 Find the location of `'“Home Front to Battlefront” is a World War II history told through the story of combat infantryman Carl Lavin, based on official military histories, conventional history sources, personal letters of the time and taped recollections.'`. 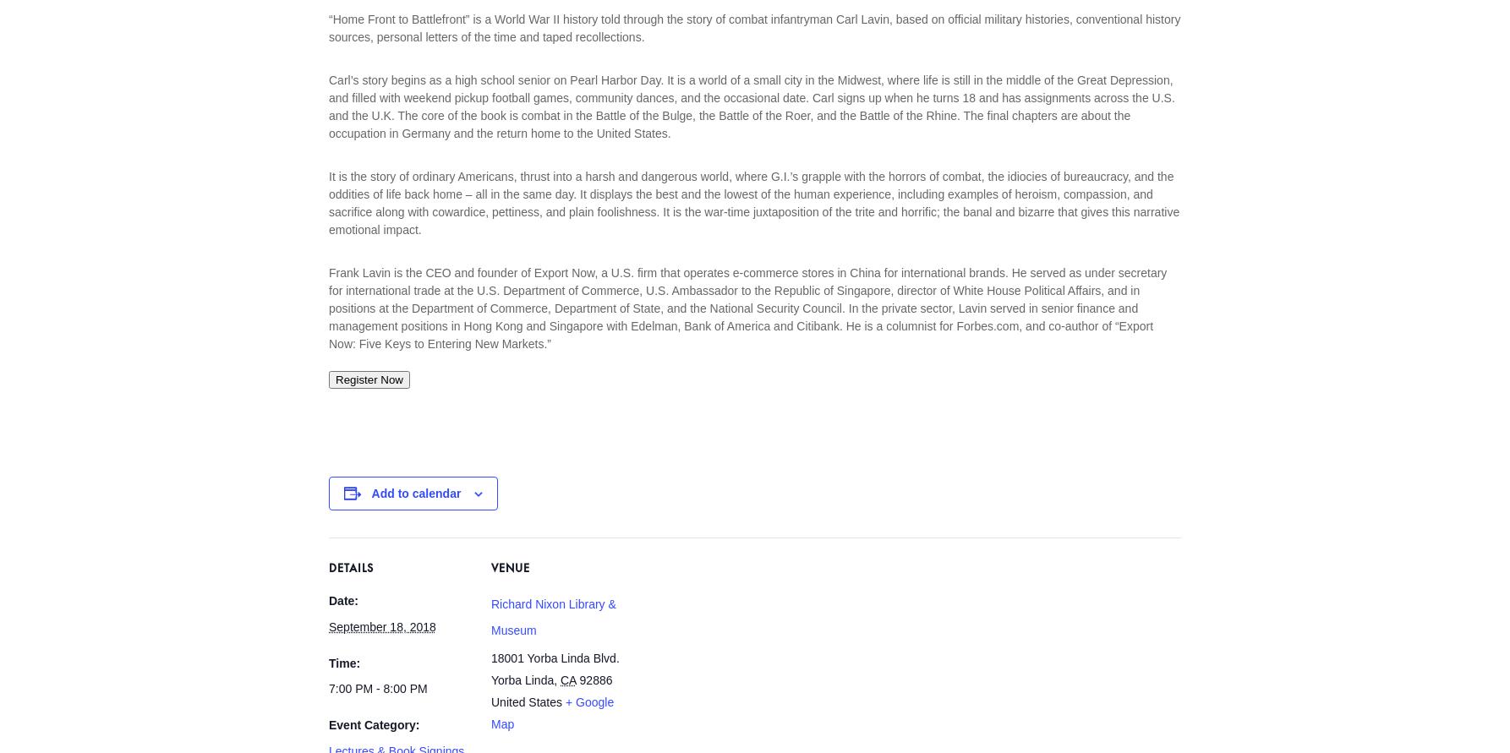

'“Home Front to Battlefront” is a World War II history told through the story of combat infantryman Carl Lavin, based on official military histories, conventional history sources, personal letters of the time and taped recollections.' is located at coordinates (753, 27).